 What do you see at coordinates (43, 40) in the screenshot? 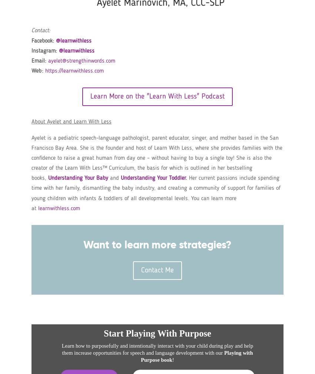
I see `'Facebook:'` at bounding box center [43, 40].